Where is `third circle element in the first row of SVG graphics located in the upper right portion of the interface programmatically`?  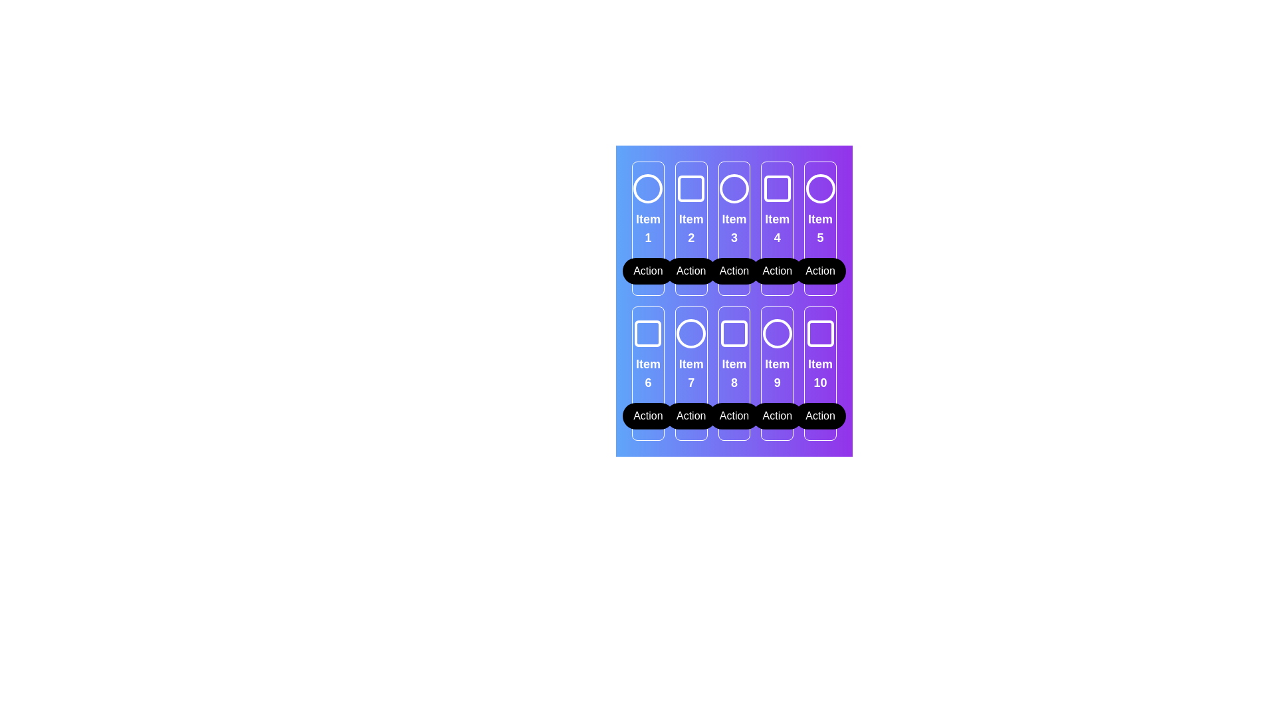 third circle element in the first row of SVG graphics located in the upper right portion of the interface programmatically is located at coordinates (733, 189).